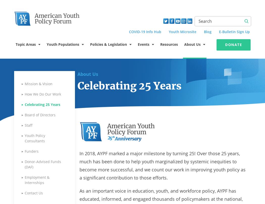 This screenshot has height=204, width=265. Describe the element at coordinates (66, 109) in the screenshot. I see `'Justice-Involved Youth'` at that location.